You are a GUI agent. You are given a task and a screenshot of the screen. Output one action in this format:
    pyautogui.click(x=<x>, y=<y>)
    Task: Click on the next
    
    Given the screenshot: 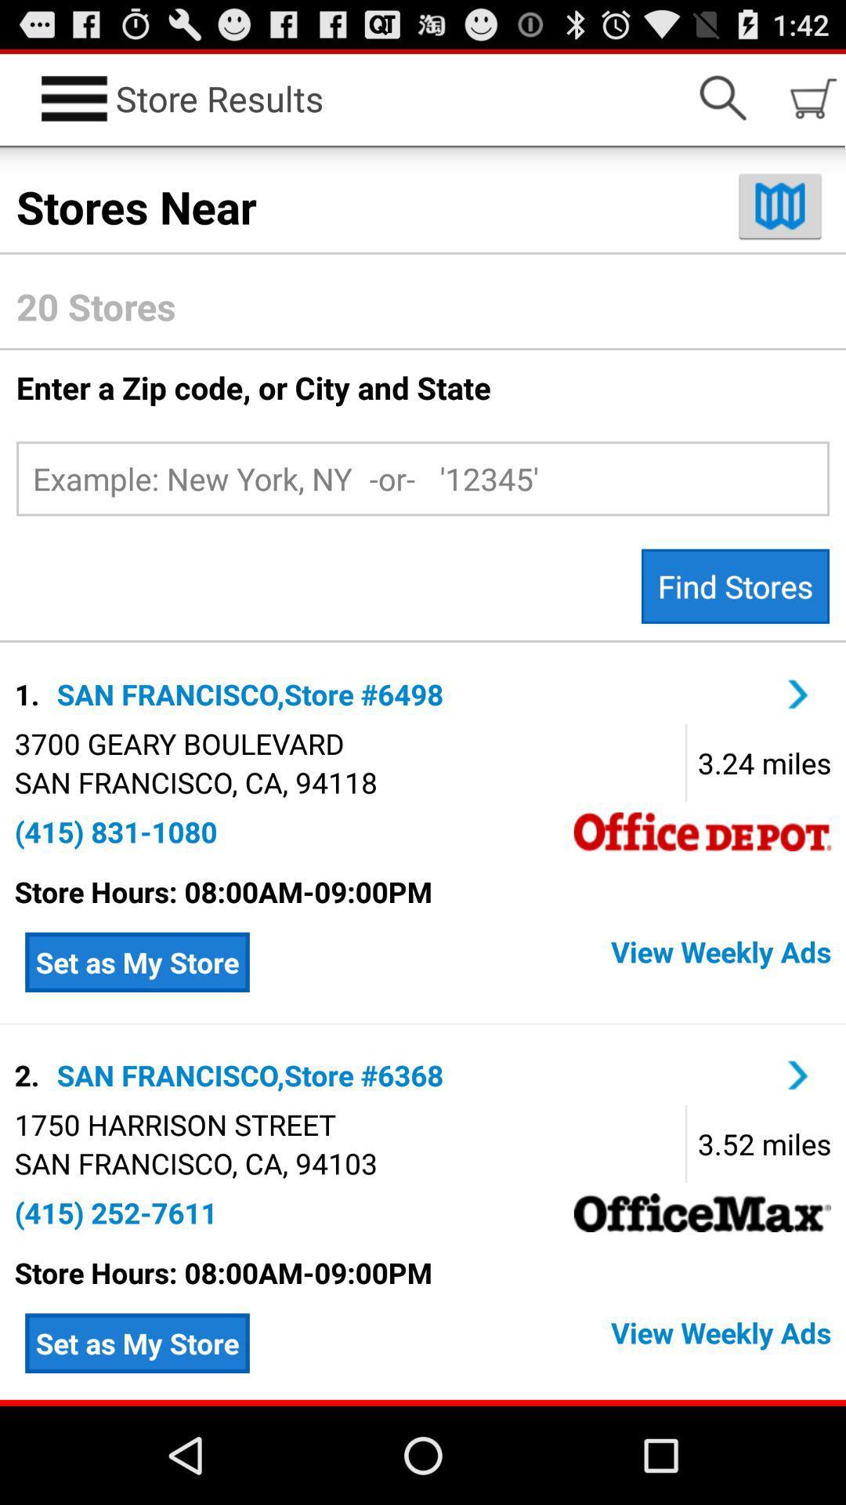 What is the action you would take?
    pyautogui.click(x=798, y=1074)
    